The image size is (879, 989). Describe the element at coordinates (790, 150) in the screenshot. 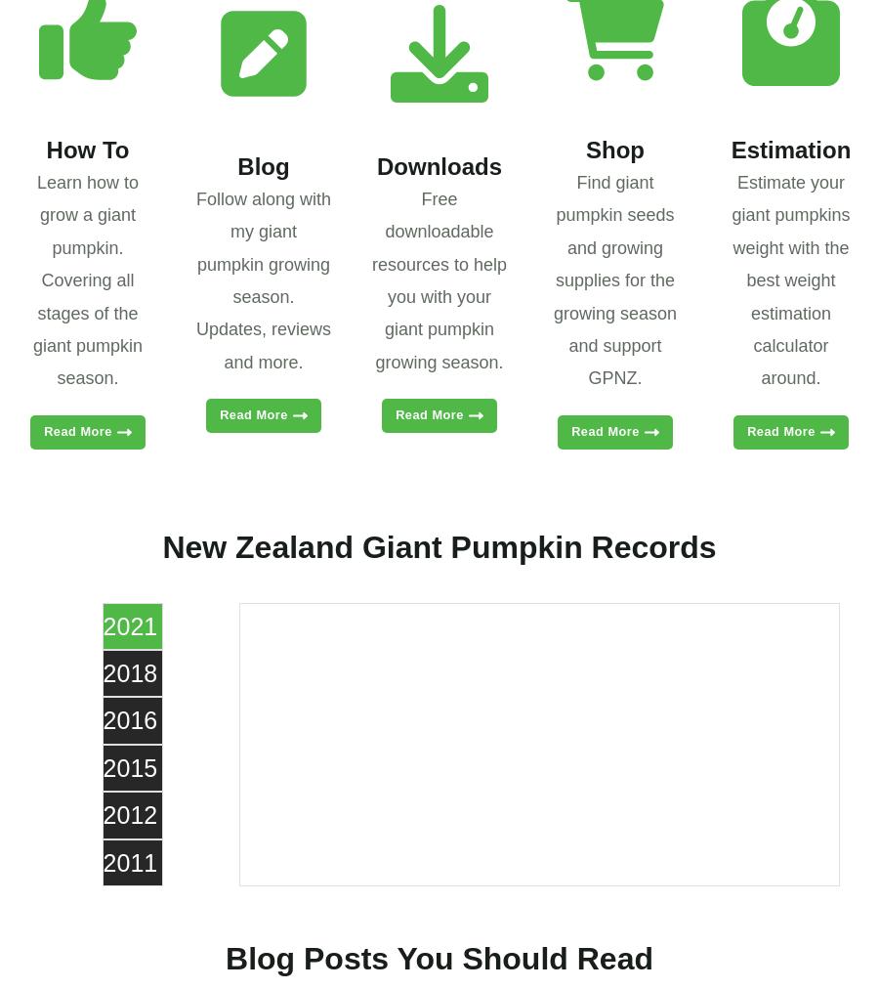

I see `'Estimation'` at that location.